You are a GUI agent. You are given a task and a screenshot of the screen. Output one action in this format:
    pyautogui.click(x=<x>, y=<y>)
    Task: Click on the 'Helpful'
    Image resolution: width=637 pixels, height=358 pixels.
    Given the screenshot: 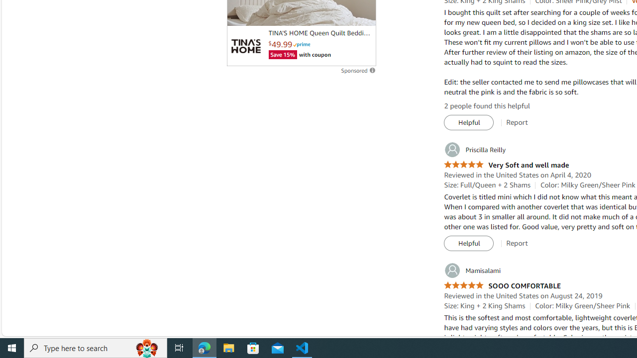 What is the action you would take?
    pyautogui.click(x=468, y=243)
    